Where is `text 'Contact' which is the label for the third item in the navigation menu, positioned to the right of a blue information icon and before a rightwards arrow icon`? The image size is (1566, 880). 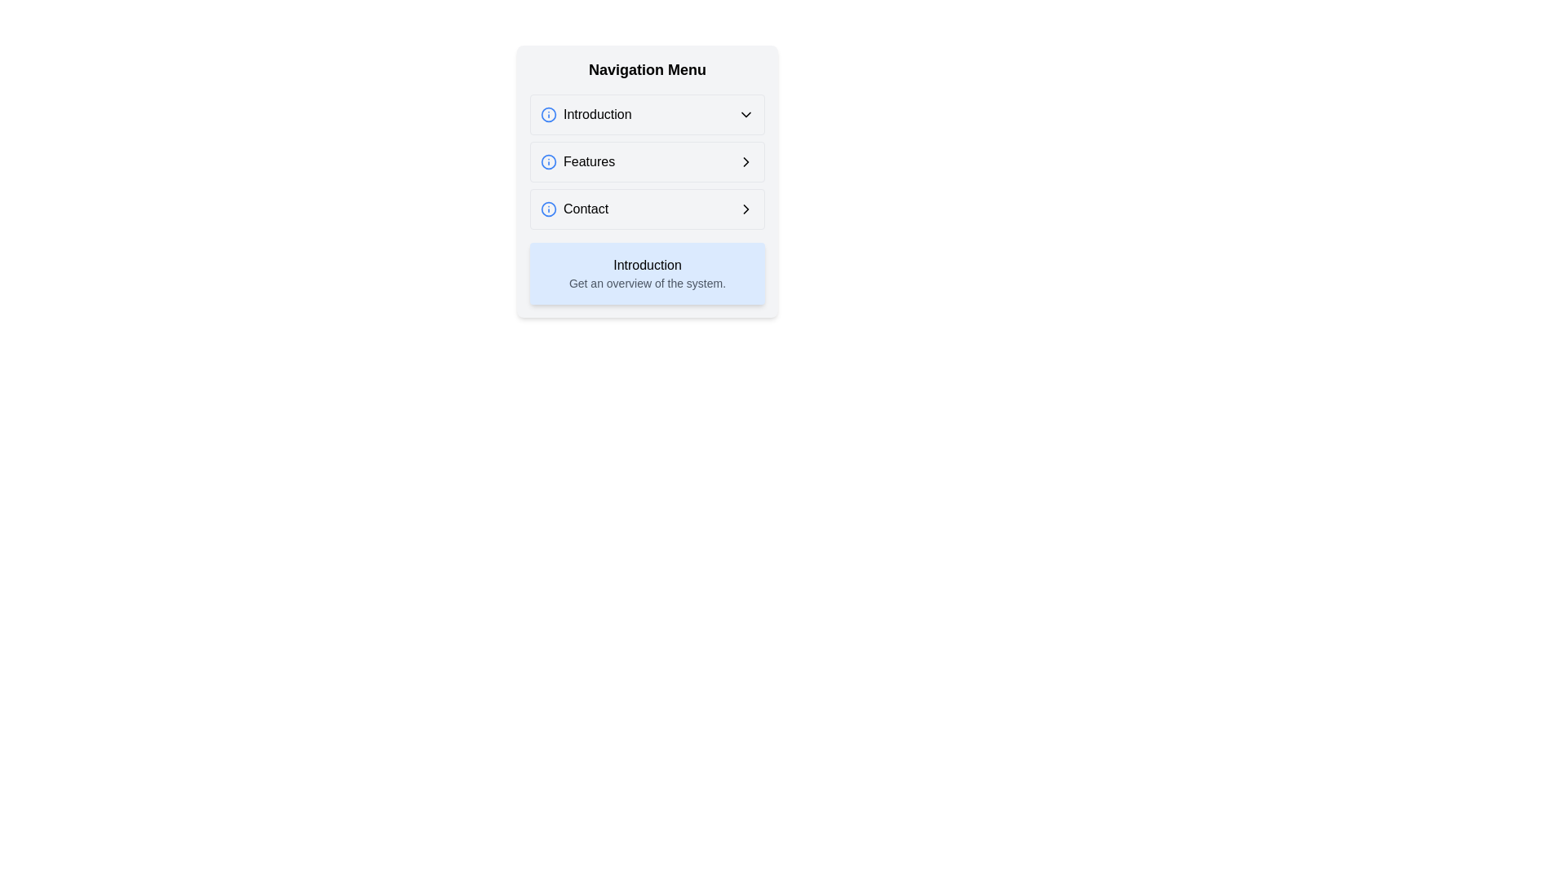
text 'Contact' which is the label for the third item in the navigation menu, positioned to the right of a blue information icon and before a rightwards arrow icon is located at coordinates (586, 209).